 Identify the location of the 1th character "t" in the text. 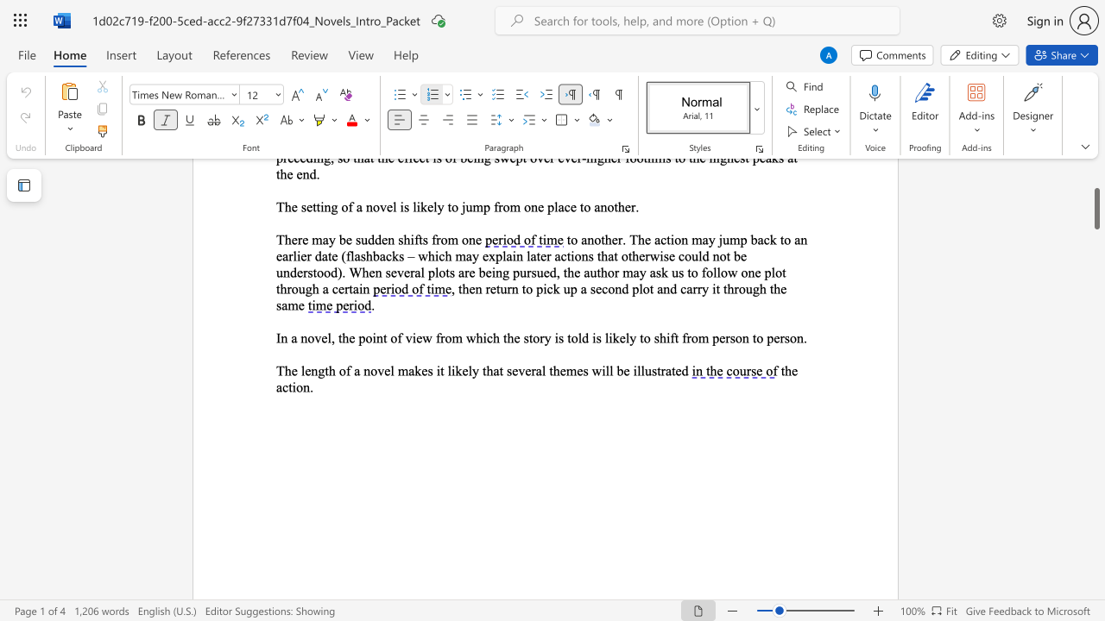
(781, 369).